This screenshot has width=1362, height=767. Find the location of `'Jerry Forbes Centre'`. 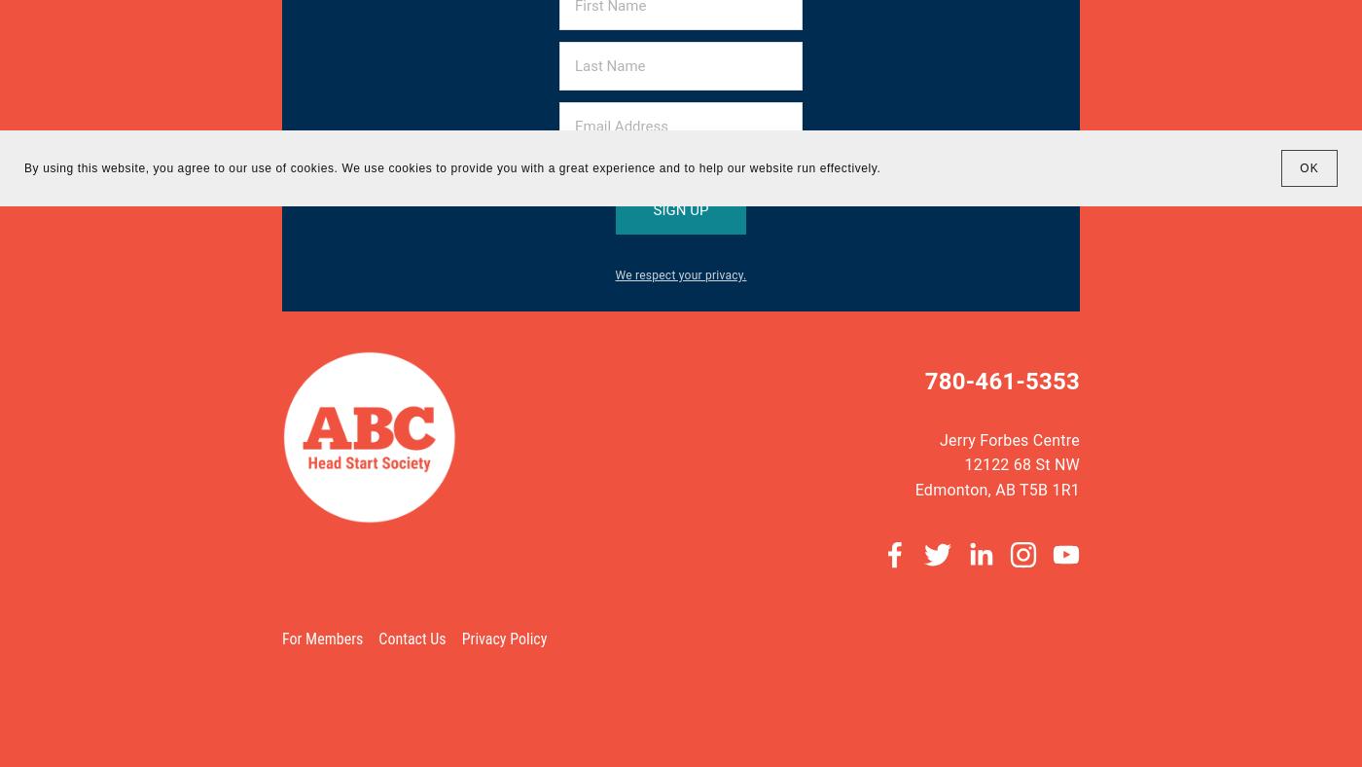

'Jerry Forbes Centre' is located at coordinates (939, 438).